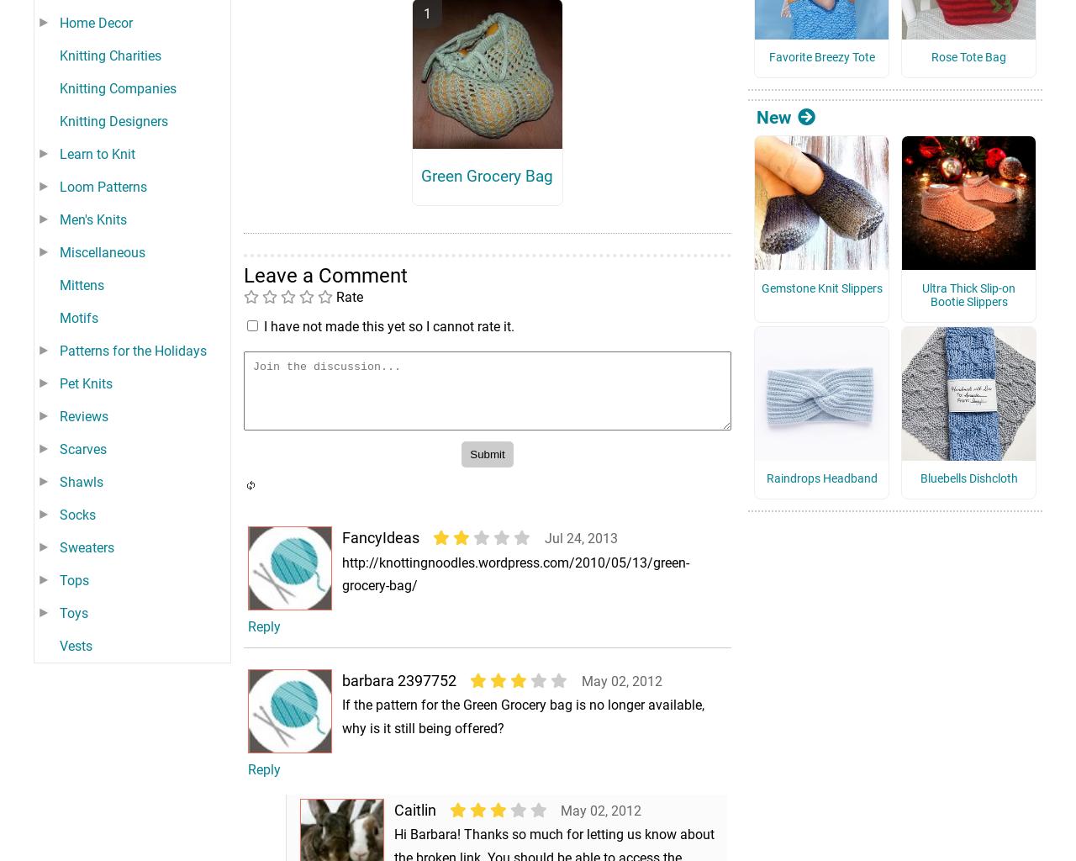  Describe the element at coordinates (76, 537) in the screenshot. I see `'Socks'` at that location.